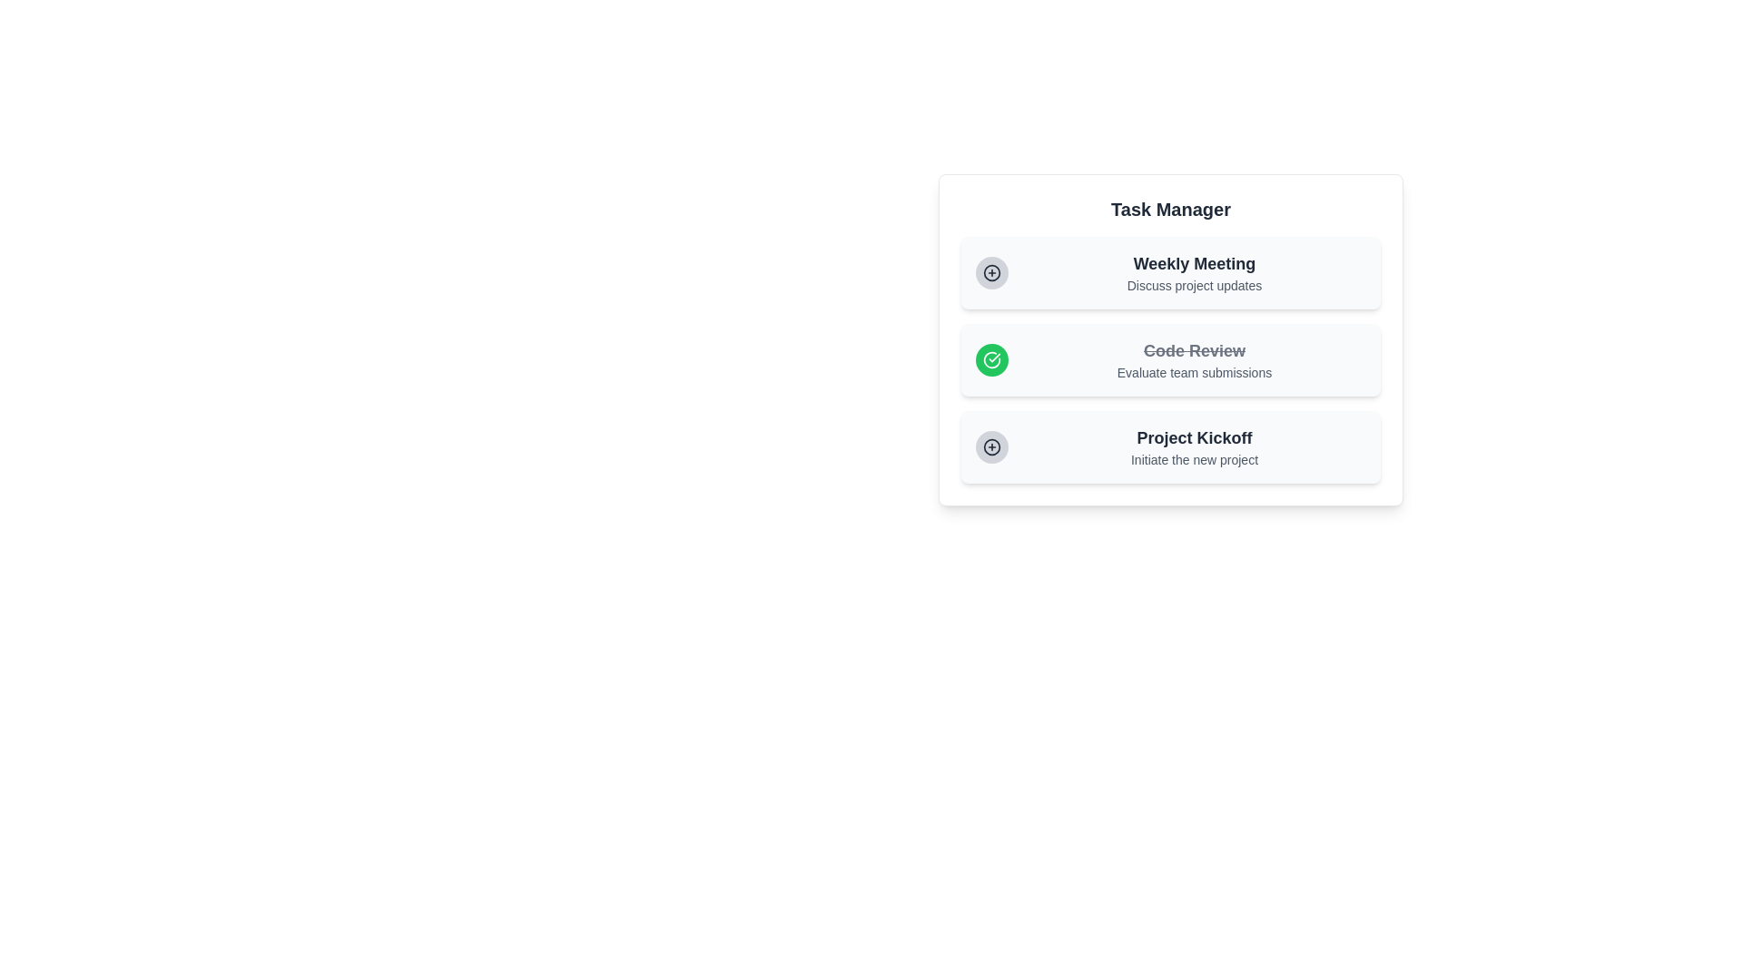  What do you see at coordinates (1171, 360) in the screenshot?
I see `the 'Code Review' completed task item in the task manager` at bounding box center [1171, 360].